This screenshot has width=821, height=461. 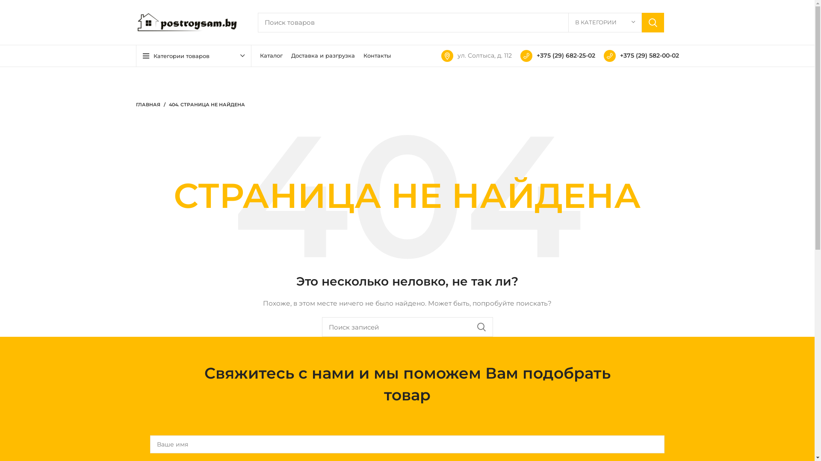 I want to click on '+375 (29) 582-00-02', so click(x=641, y=55).